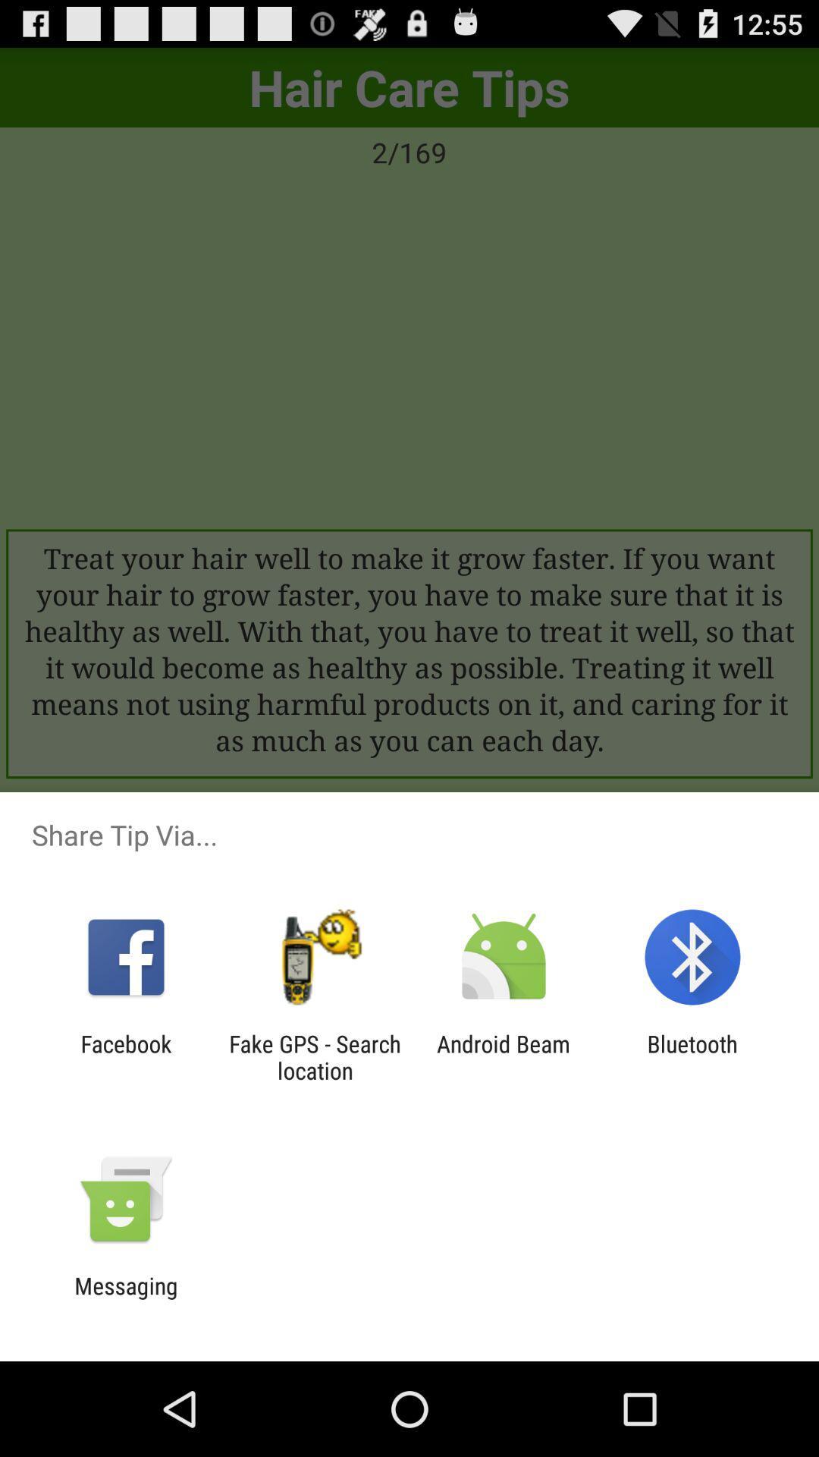 The width and height of the screenshot is (819, 1457). I want to click on the item next to the fake gps search item, so click(504, 1056).